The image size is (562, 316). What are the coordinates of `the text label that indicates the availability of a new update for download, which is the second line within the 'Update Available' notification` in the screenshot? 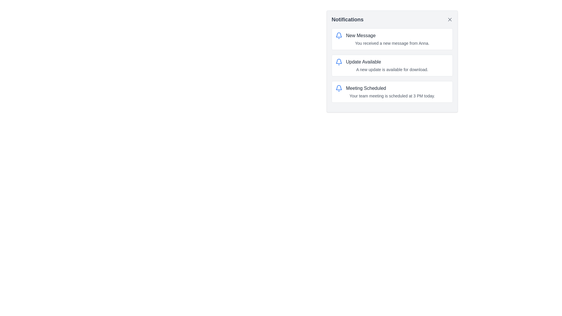 It's located at (392, 69).